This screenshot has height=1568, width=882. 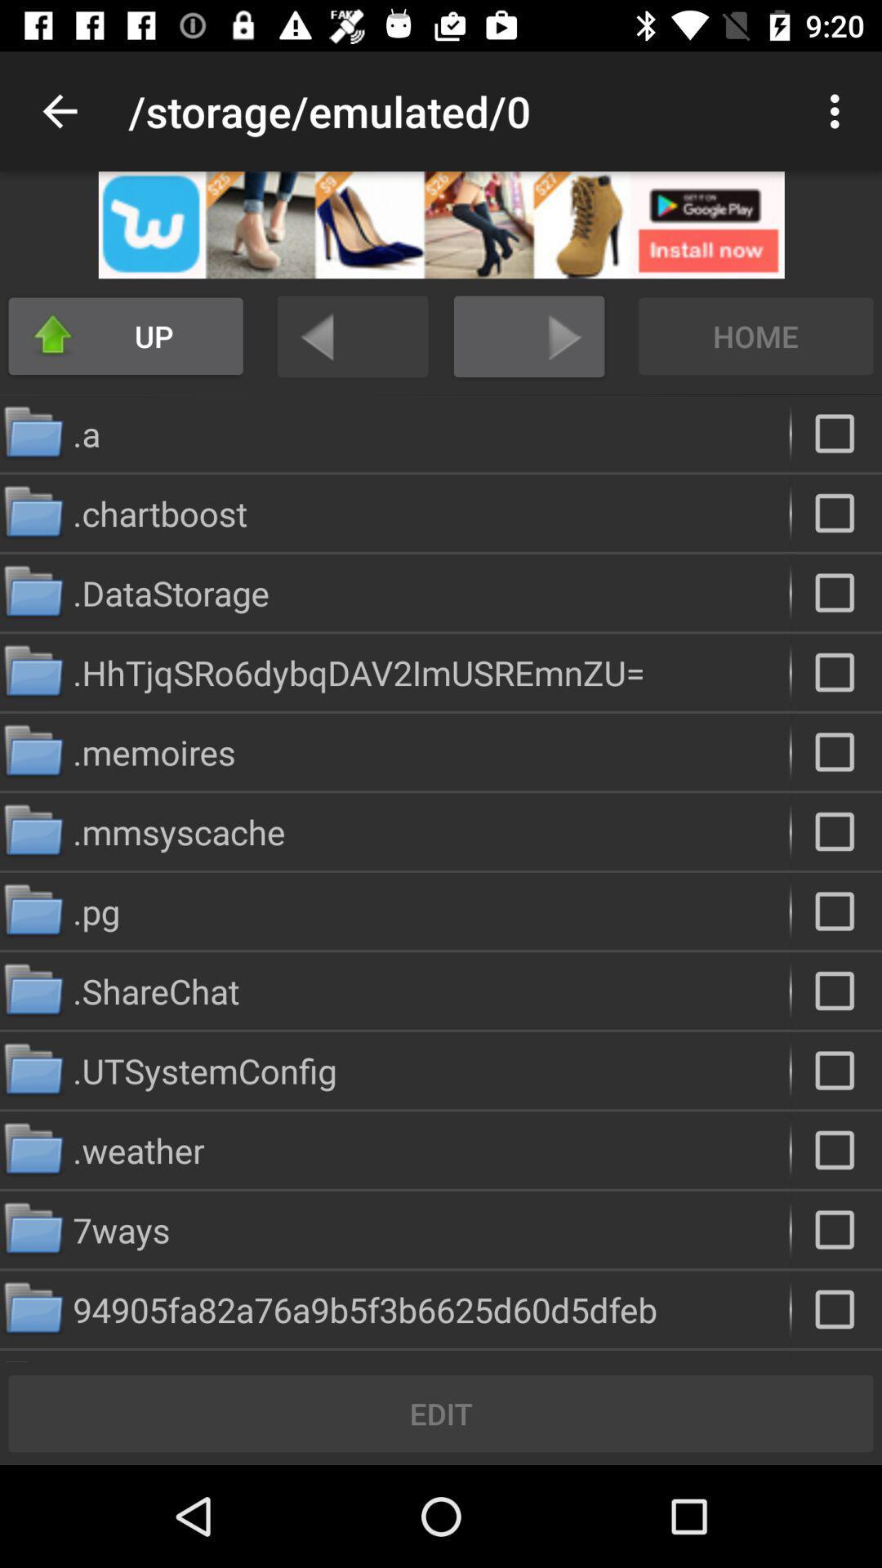 What do you see at coordinates (836, 512) in the screenshot?
I see `mark/unmark` at bounding box center [836, 512].